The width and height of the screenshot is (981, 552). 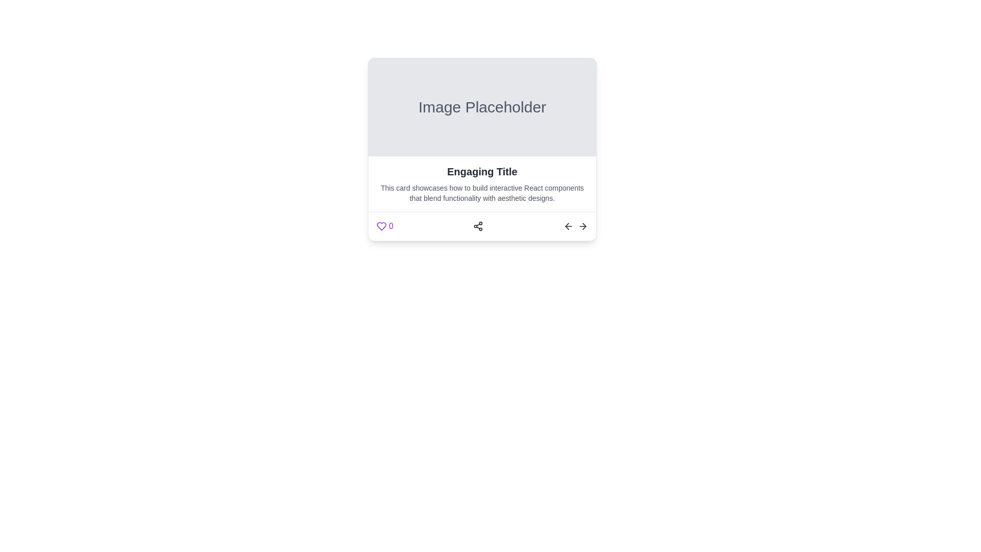 What do you see at coordinates (478, 226) in the screenshot?
I see `the share button located at the center-bottom of the card layout, positioned to the right of the heart icon and to the left of navigation buttons, to share the content displayed in the card` at bounding box center [478, 226].